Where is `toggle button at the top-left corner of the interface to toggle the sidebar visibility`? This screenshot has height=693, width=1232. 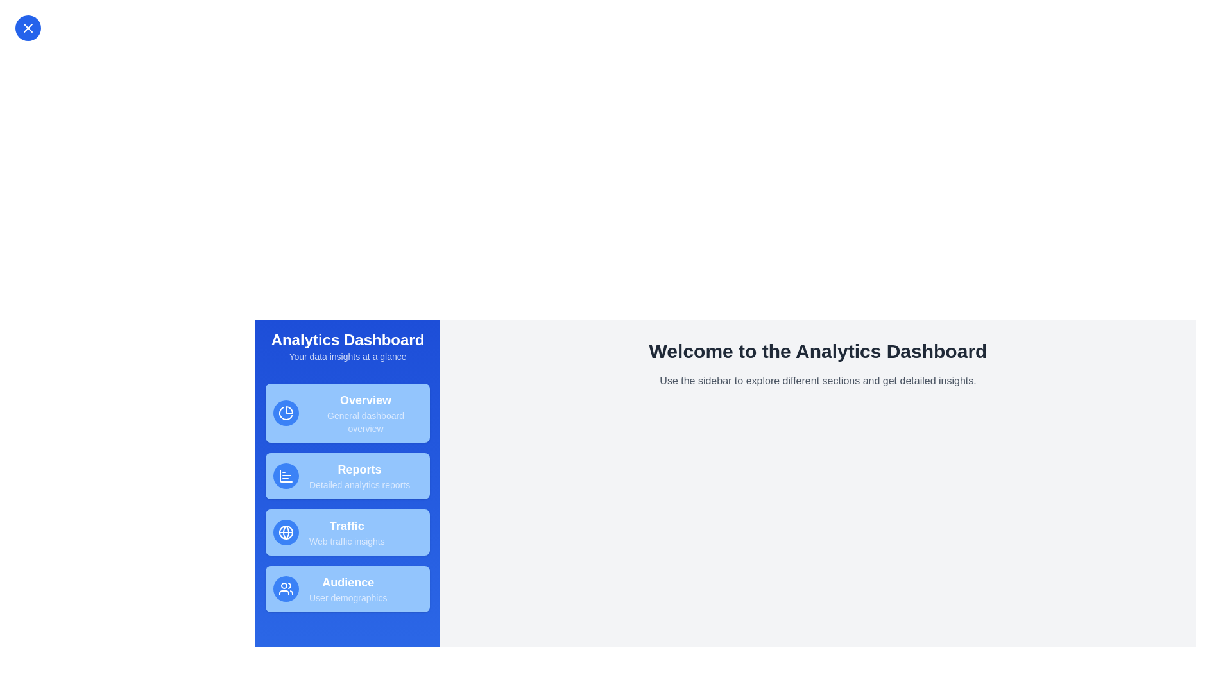
toggle button at the top-left corner of the interface to toggle the sidebar visibility is located at coordinates (28, 28).